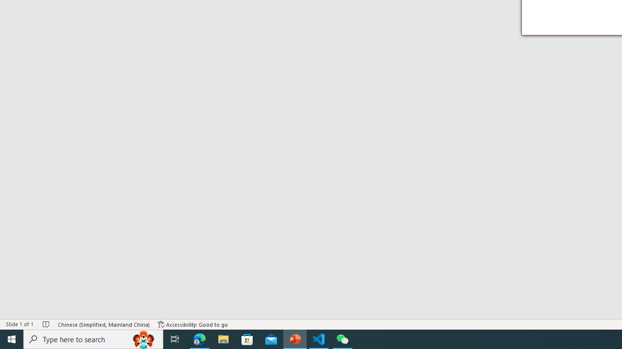 This screenshot has height=349, width=622. What do you see at coordinates (174, 338) in the screenshot?
I see `'Task View'` at bounding box center [174, 338].